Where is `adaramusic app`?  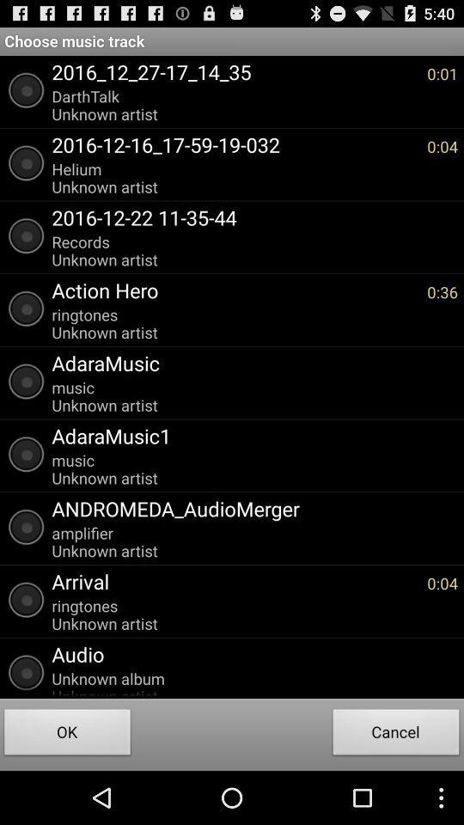
adaramusic app is located at coordinates (249, 363).